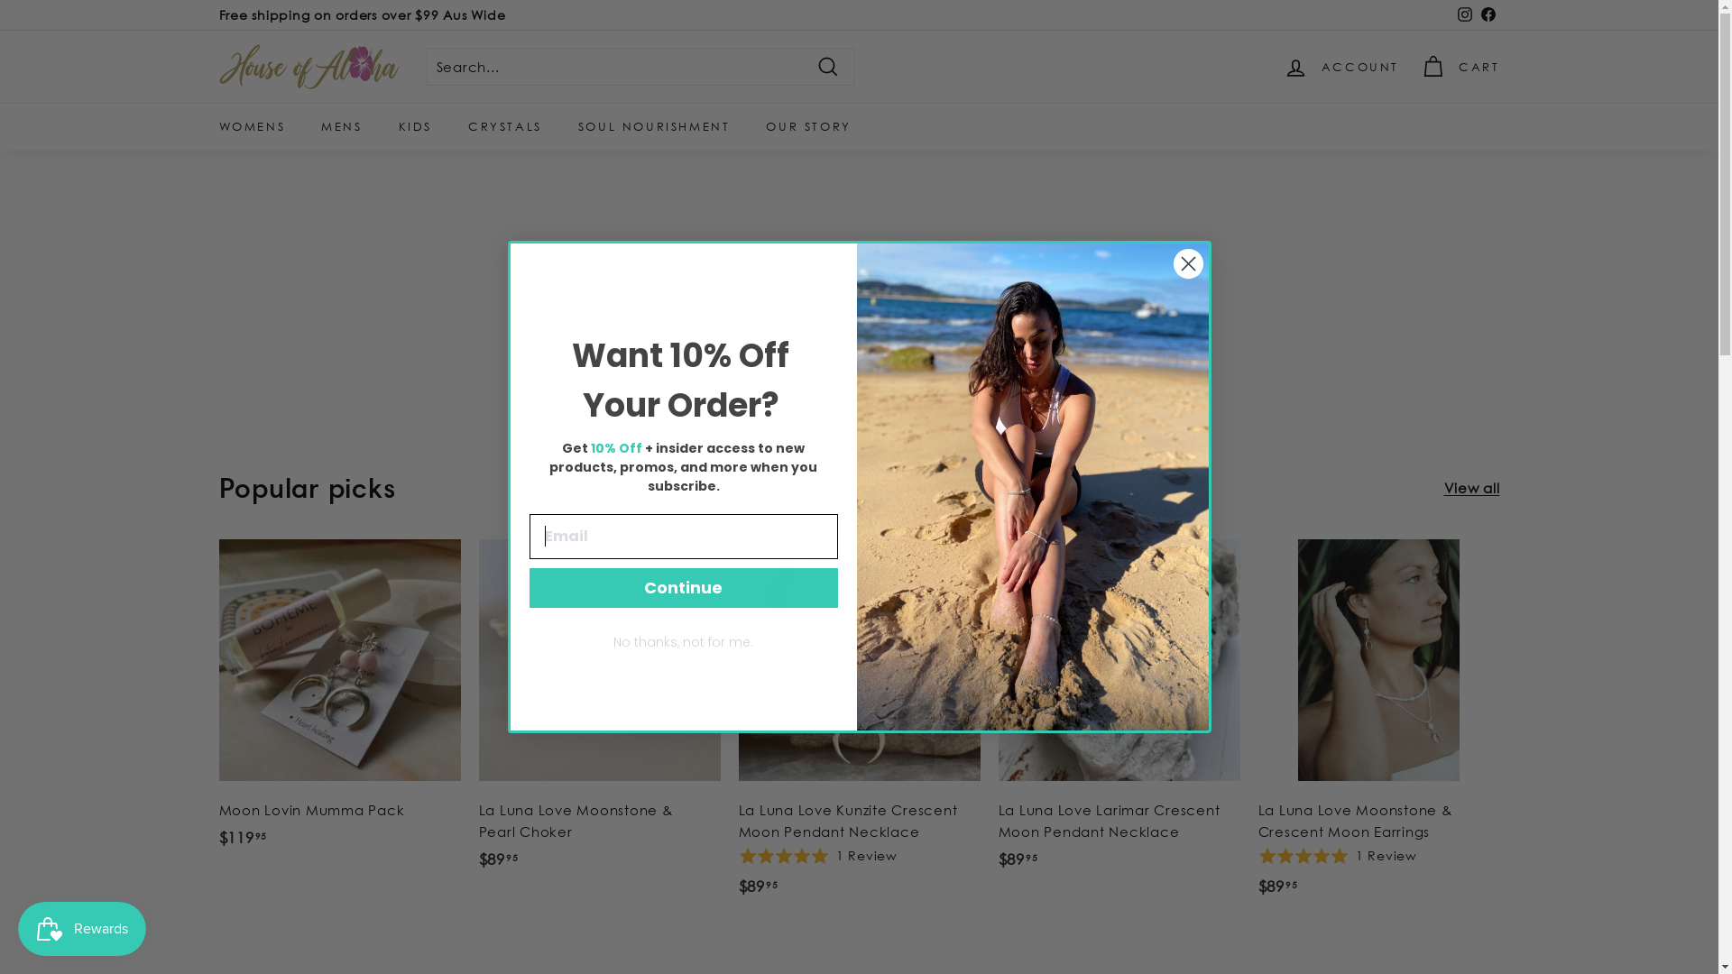  What do you see at coordinates (1463, 14) in the screenshot?
I see `'Instagram'` at bounding box center [1463, 14].